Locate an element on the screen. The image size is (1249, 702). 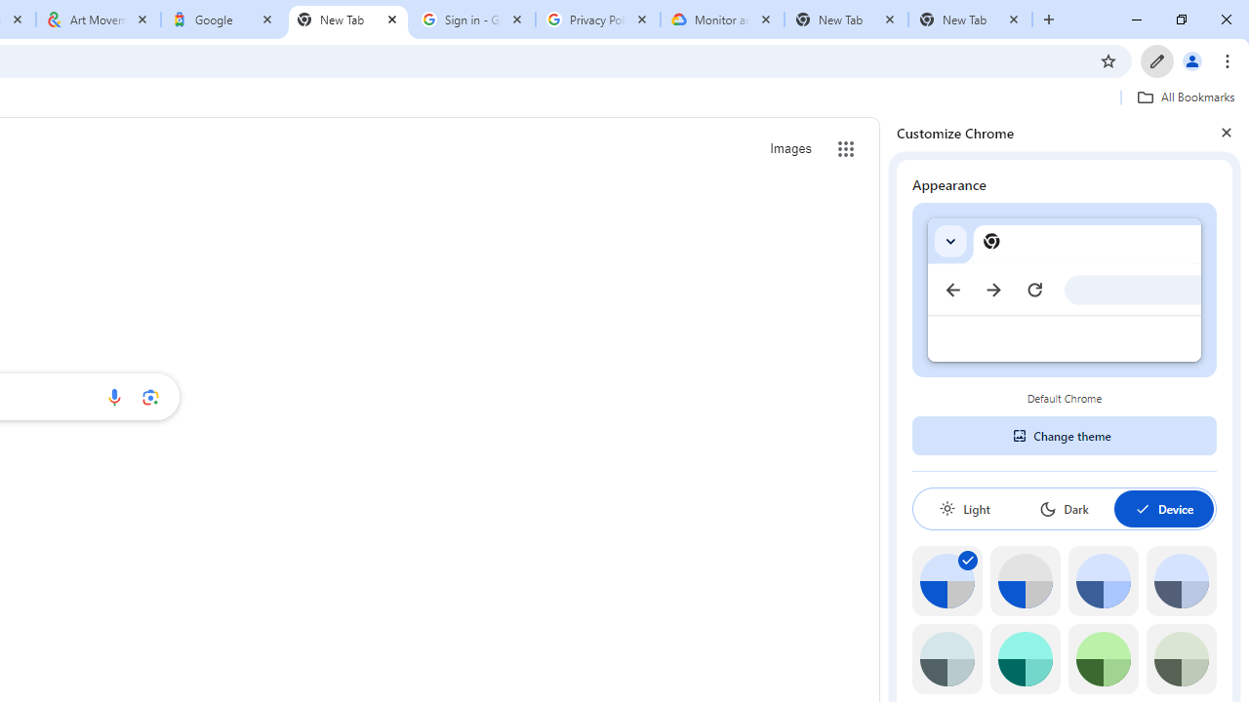
'Search for Images ' is located at coordinates (790, 148).